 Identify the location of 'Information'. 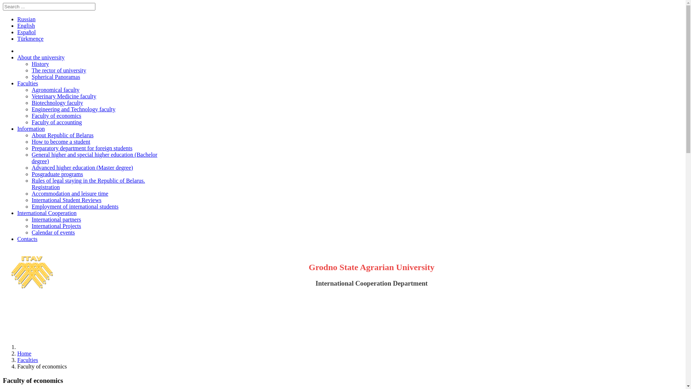
(31, 128).